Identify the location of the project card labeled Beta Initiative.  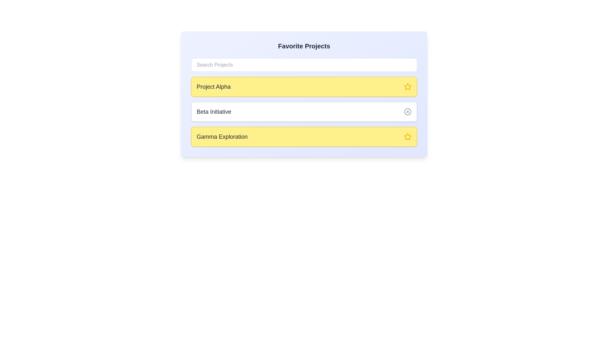
(304, 111).